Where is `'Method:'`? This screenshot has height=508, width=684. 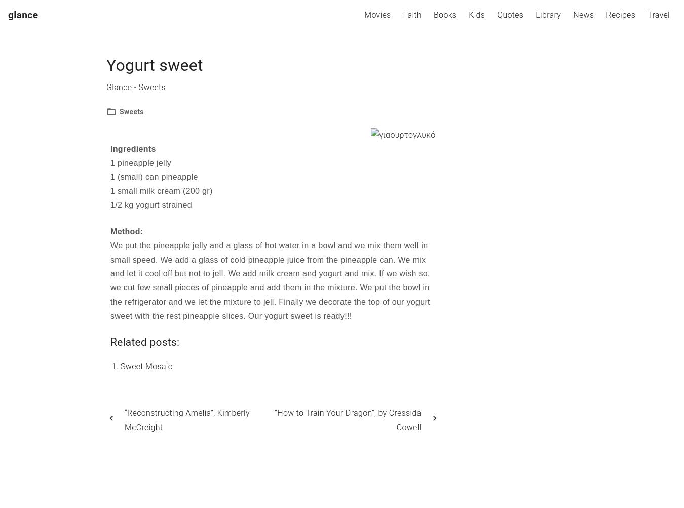 'Method:' is located at coordinates (110, 230).